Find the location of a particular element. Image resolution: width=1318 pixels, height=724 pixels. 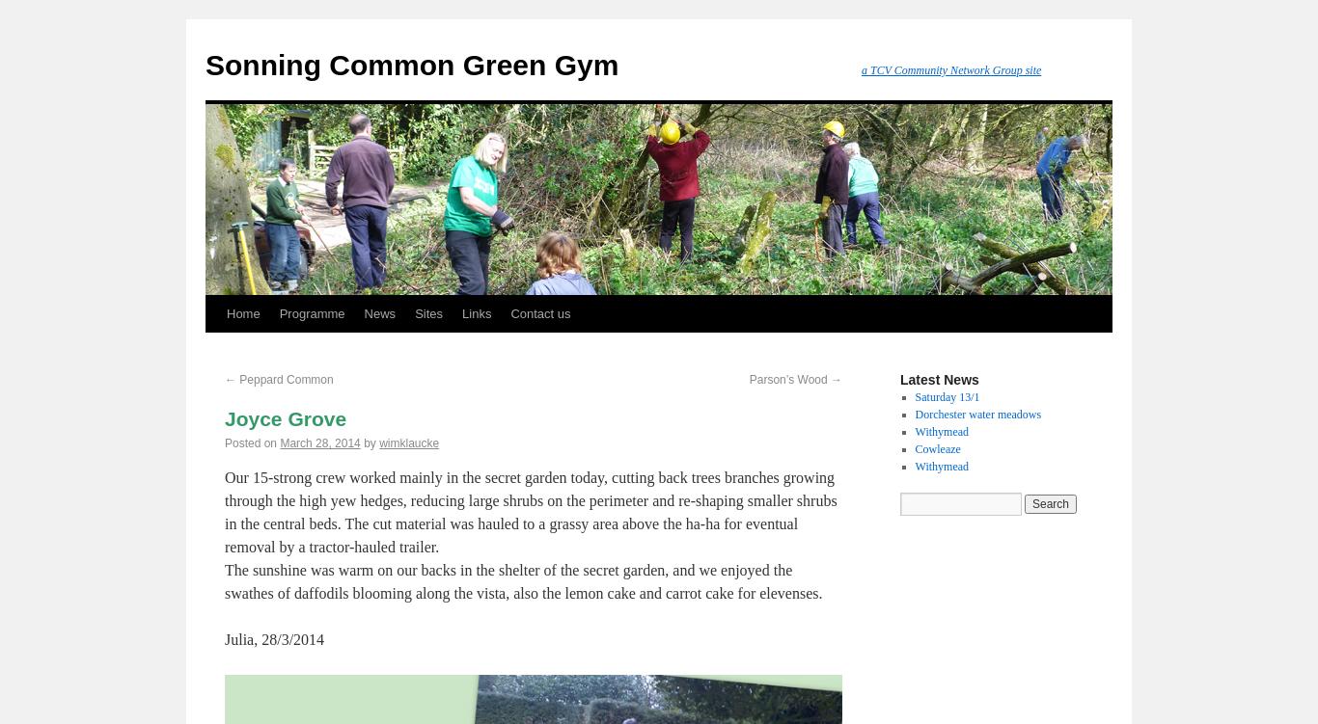

'wimklaucke' is located at coordinates (408, 442).